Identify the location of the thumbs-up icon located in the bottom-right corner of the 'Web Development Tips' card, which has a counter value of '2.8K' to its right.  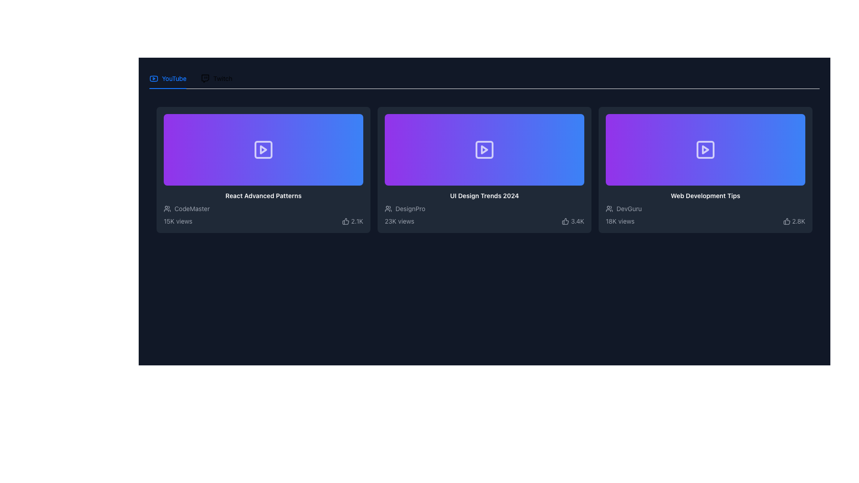
(786, 221).